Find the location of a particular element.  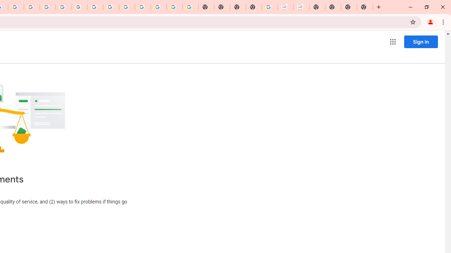

'Google Images' is located at coordinates (190, 7).